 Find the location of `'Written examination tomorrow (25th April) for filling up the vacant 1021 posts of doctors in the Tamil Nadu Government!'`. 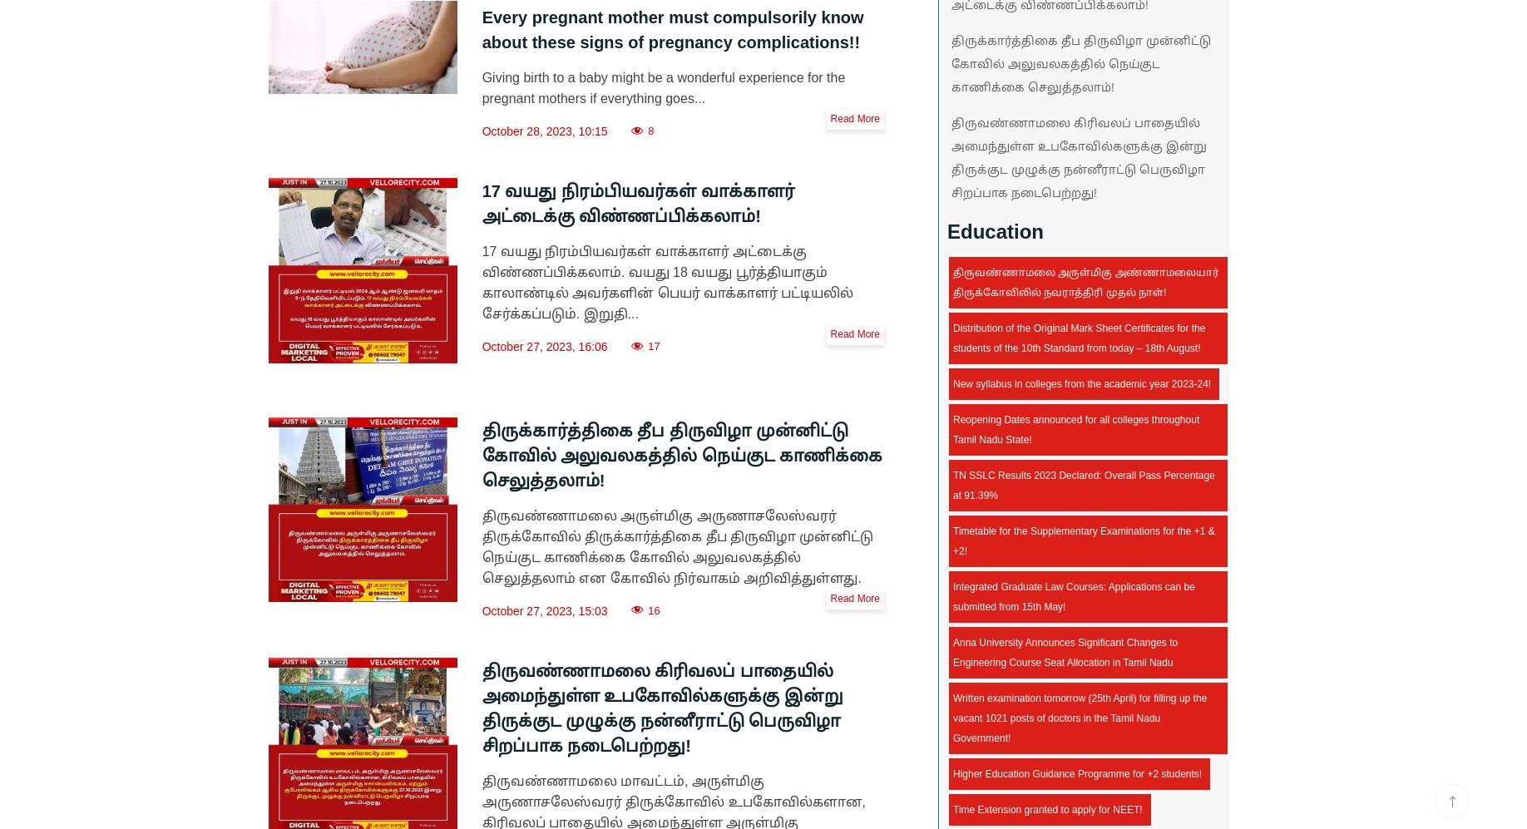

'Written examination tomorrow (25th April) for filling up the vacant 1021 posts of doctors in the Tamil Nadu Government!' is located at coordinates (953, 718).